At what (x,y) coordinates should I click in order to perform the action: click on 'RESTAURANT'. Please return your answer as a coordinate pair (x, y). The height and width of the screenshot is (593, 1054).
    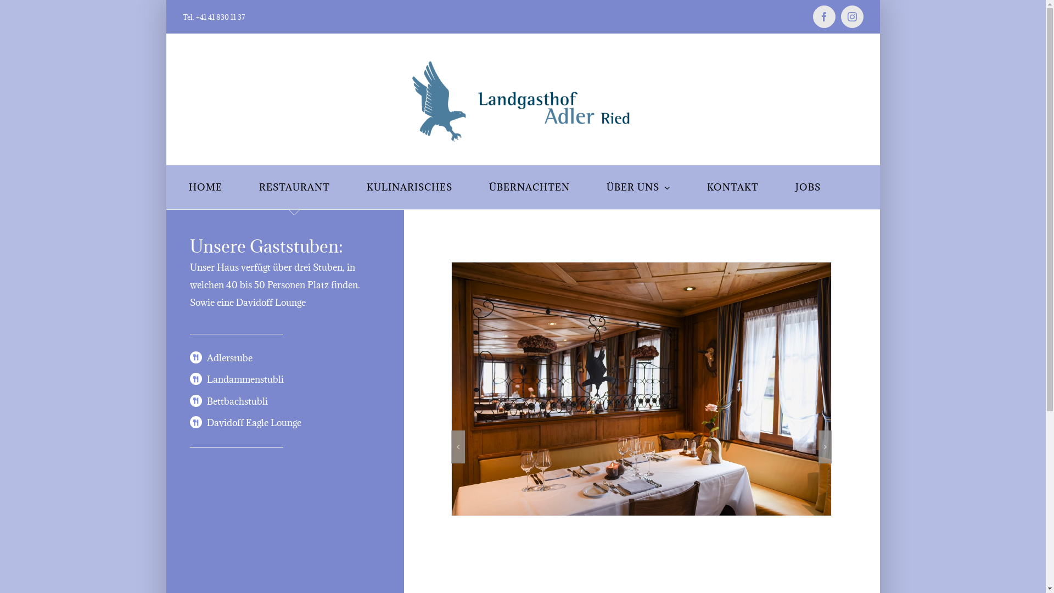
    Looking at the image, I should click on (294, 186).